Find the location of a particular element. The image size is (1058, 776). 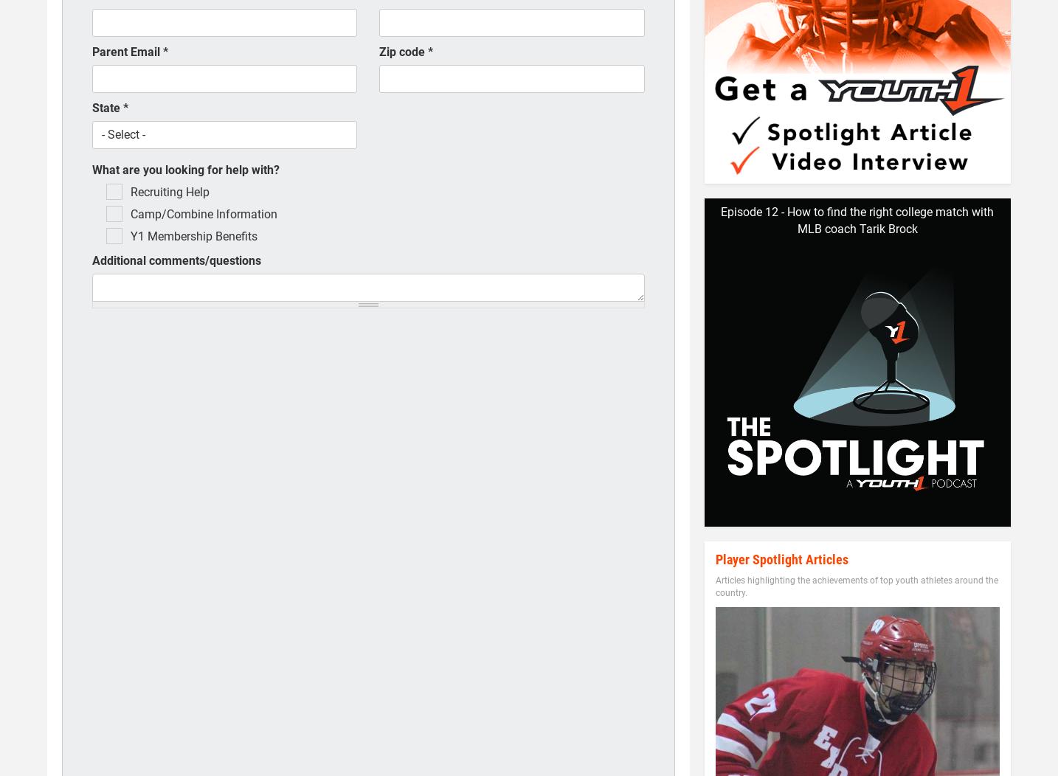

'Recruiting Help' is located at coordinates (170, 191).